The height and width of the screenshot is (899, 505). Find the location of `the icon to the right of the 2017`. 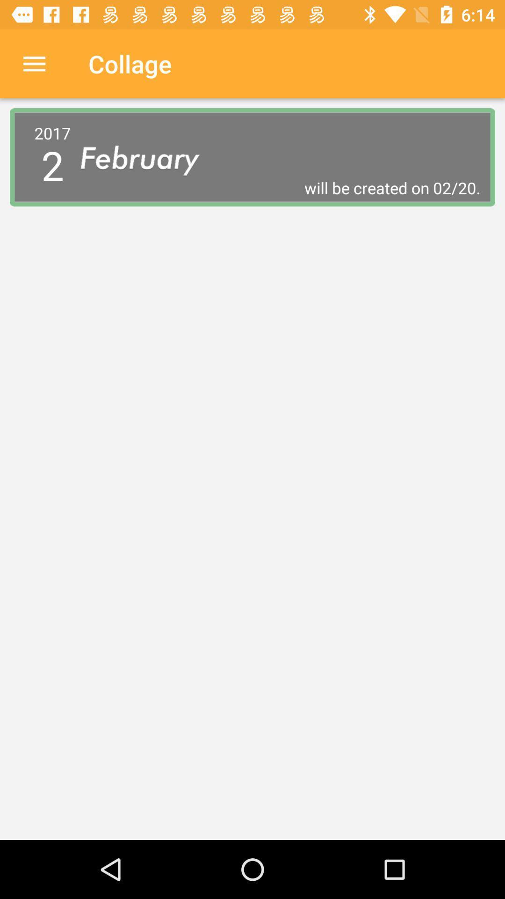

the icon to the right of the 2017 is located at coordinates (280, 187).